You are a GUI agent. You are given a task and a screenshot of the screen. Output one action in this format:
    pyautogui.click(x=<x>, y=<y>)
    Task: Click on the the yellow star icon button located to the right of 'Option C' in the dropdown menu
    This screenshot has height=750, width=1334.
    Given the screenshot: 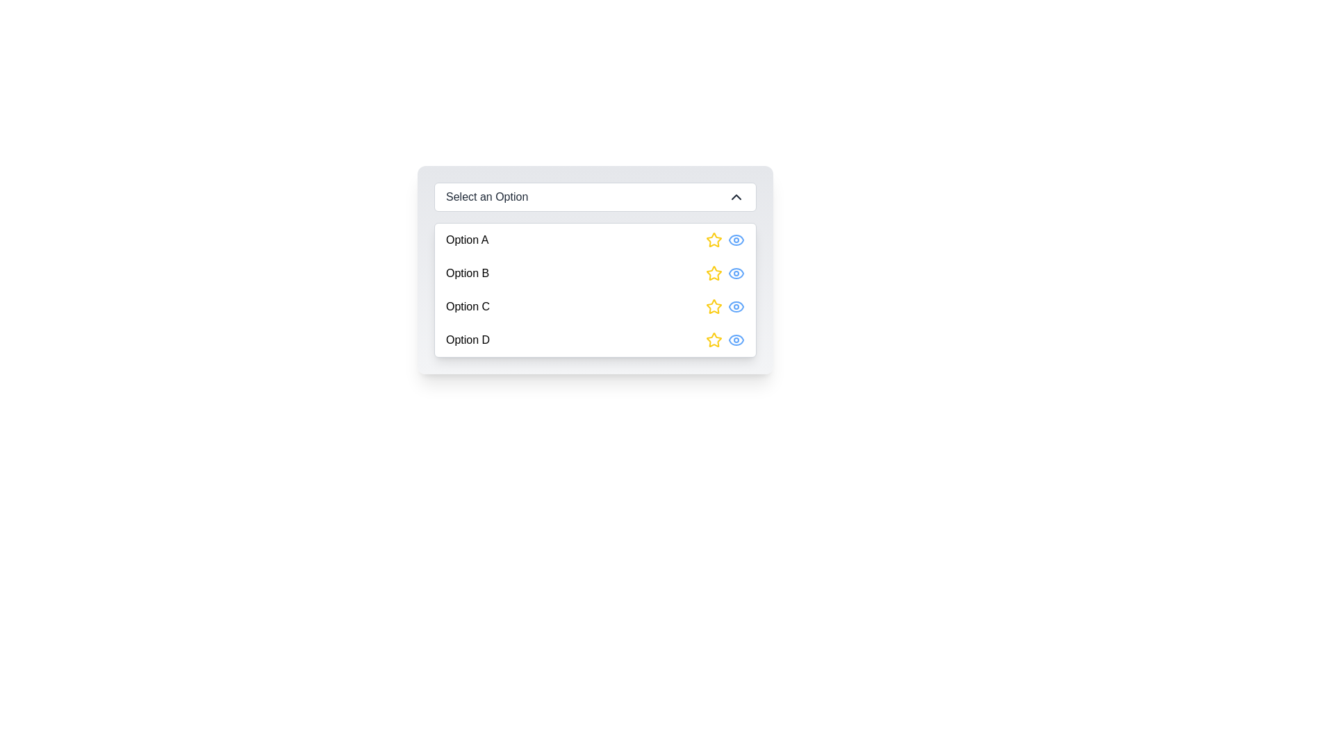 What is the action you would take?
    pyautogui.click(x=714, y=306)
    